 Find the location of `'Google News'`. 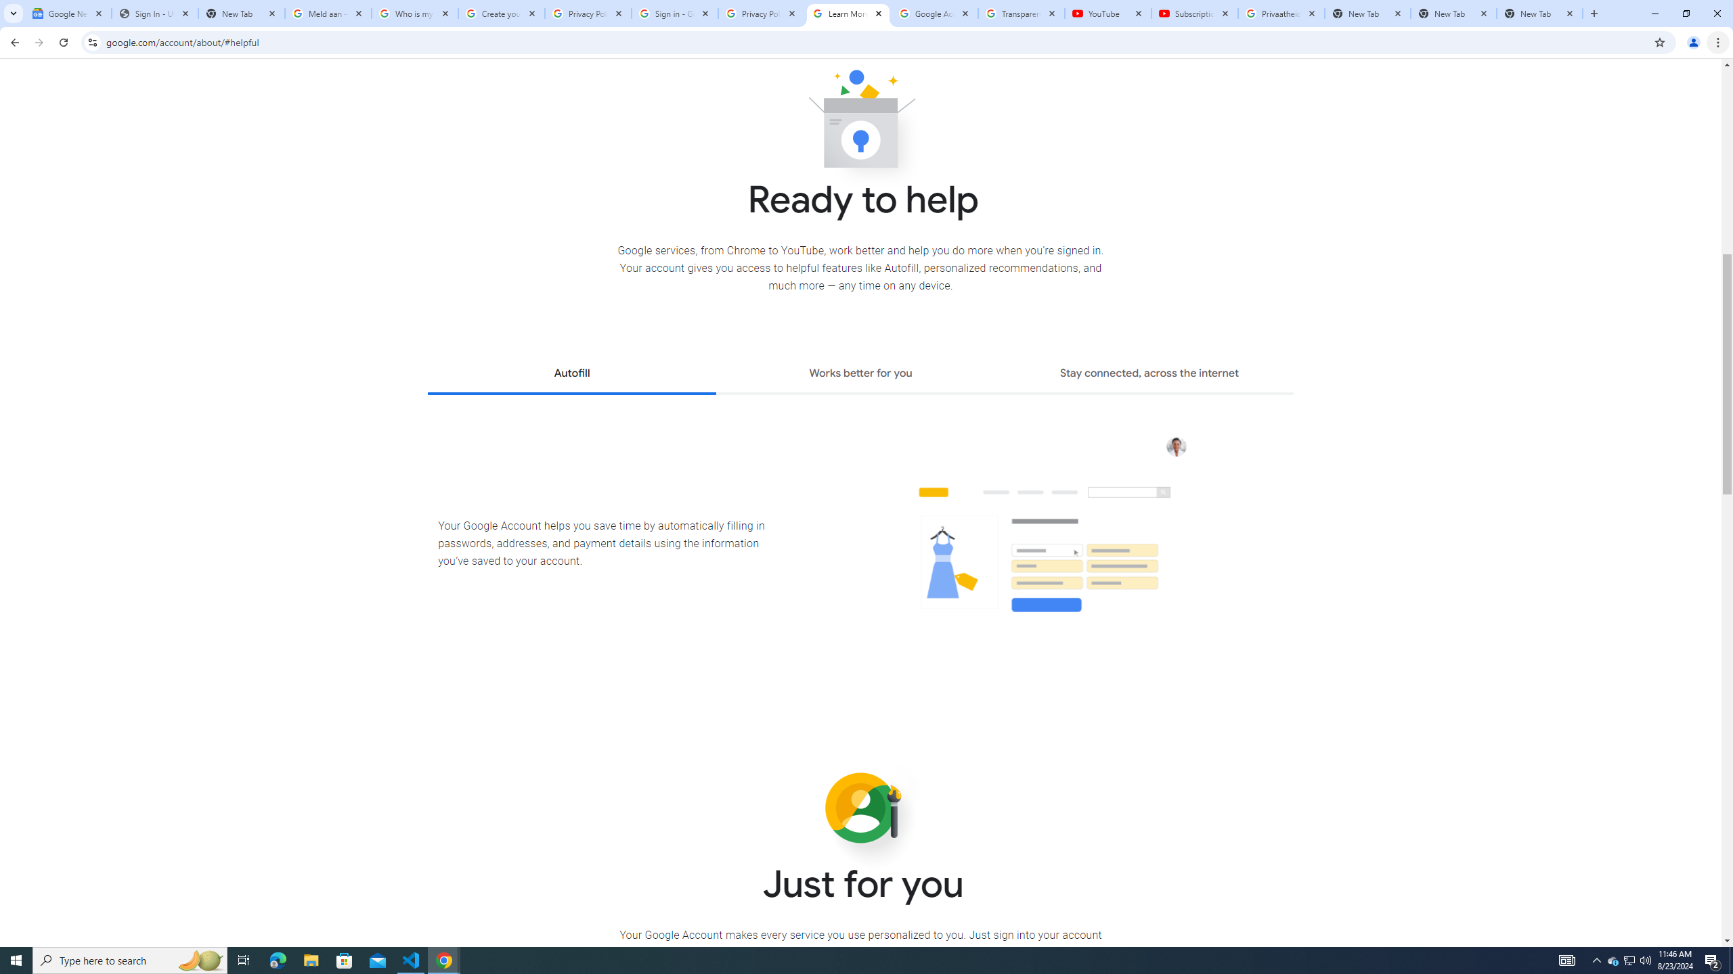

'Google News' is located at coordinates (68, 13).